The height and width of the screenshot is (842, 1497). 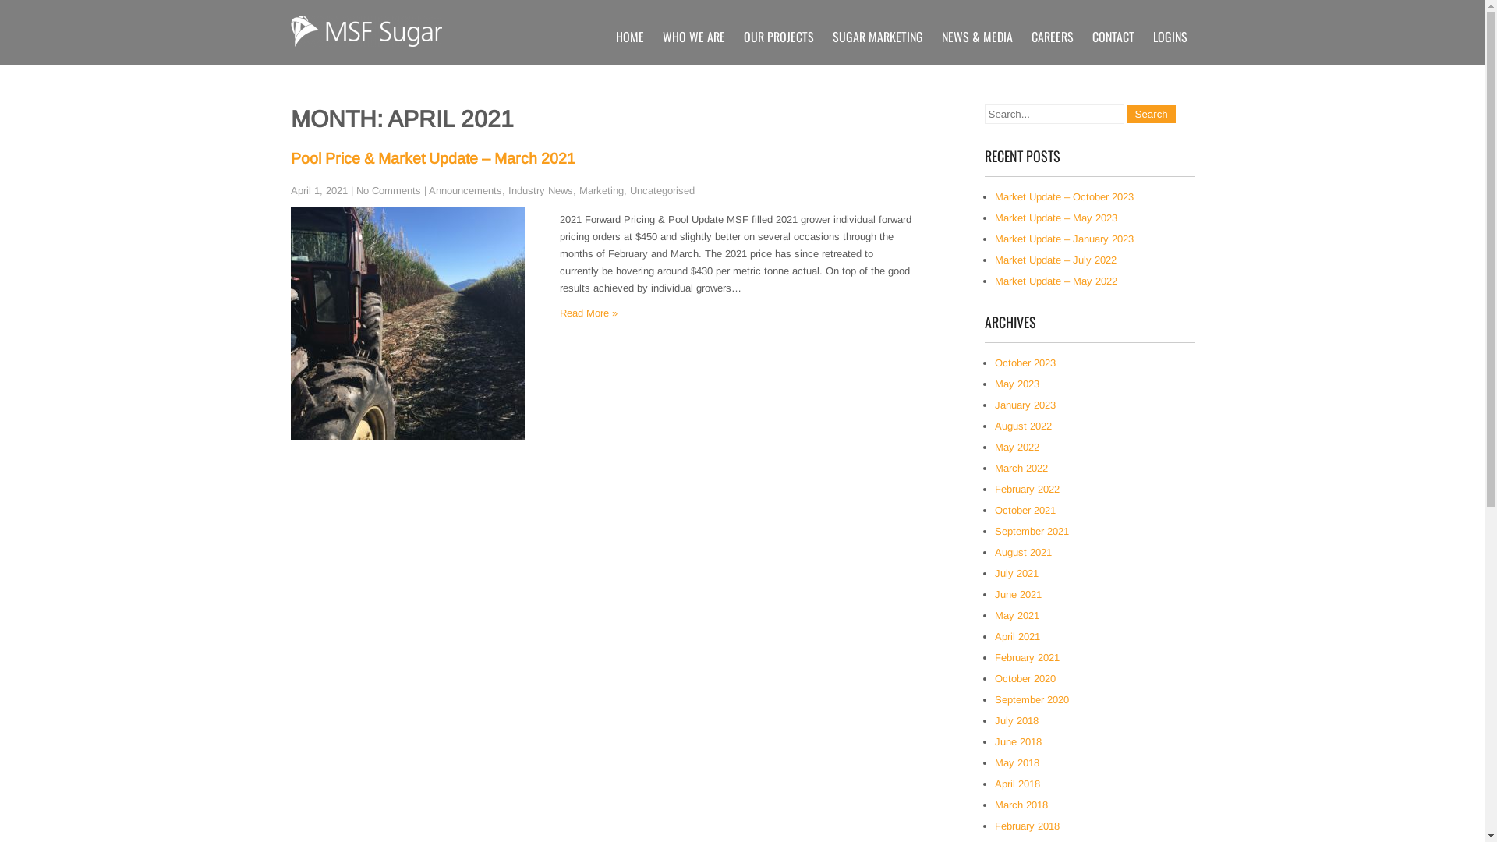 What do you see at coordinates (1051, 35) in the screenshot?
I see `'CAREERS'` at bounding box center [1051, 35].